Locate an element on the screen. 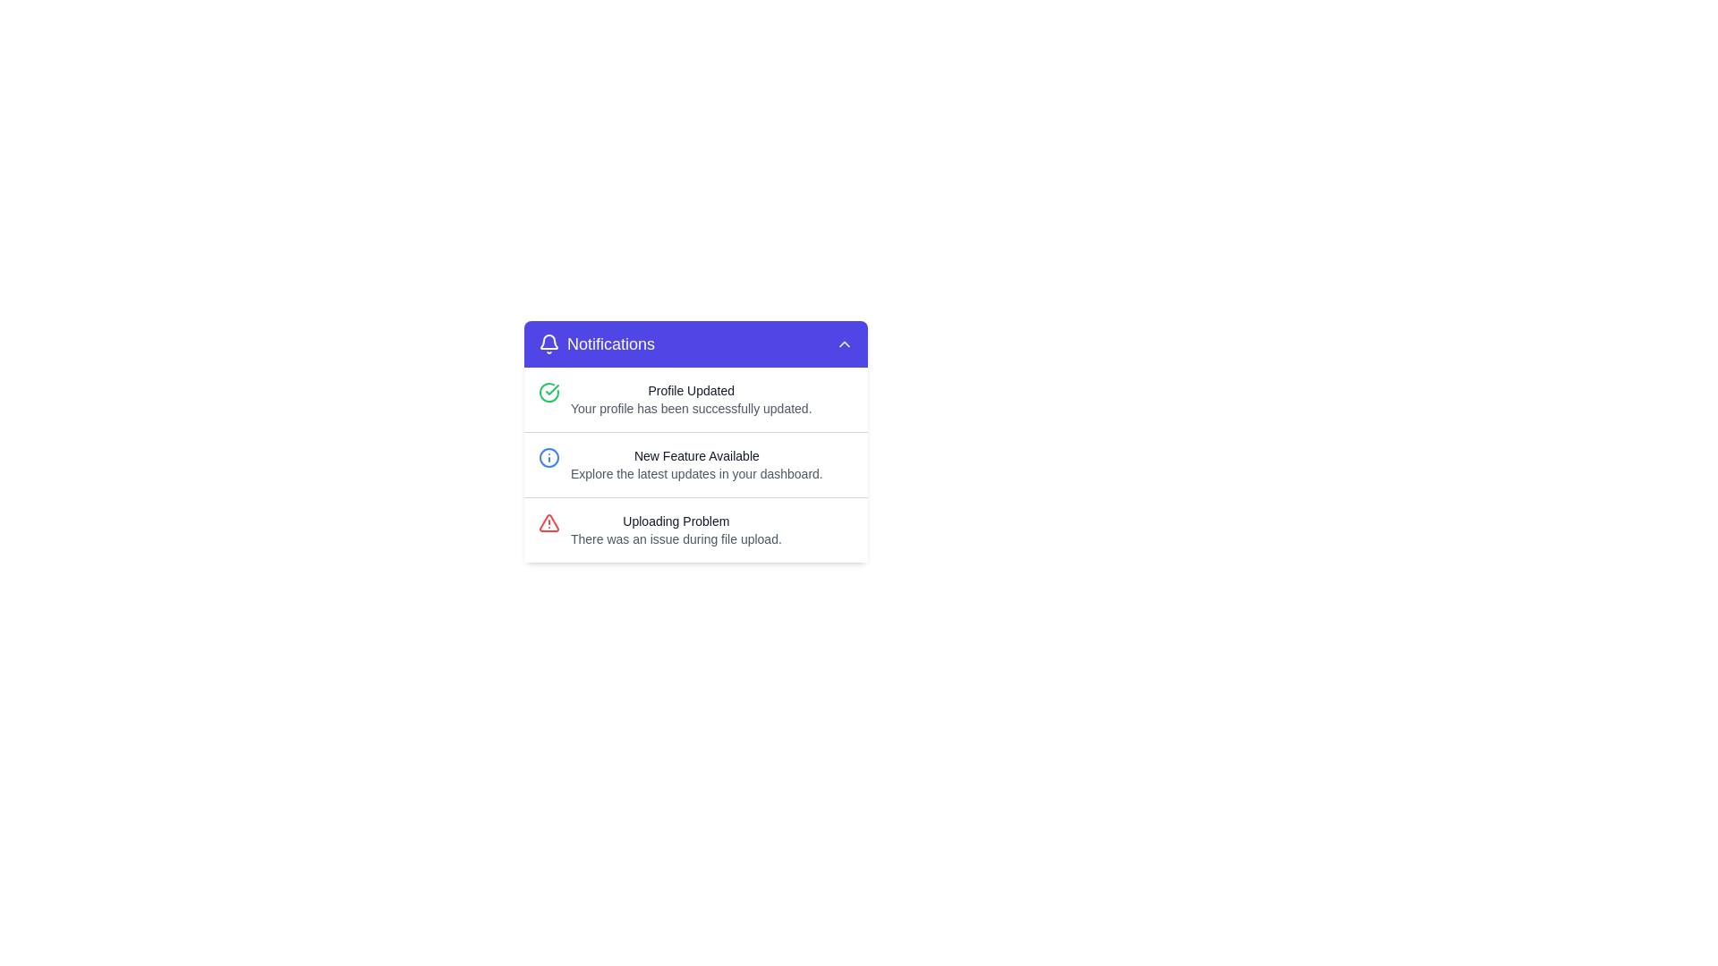 The image size is (1718, 966). the red triangular warning icon located to the left of the 'Uploading Problem' text in the notifications list is located at coordinates (549, 523).